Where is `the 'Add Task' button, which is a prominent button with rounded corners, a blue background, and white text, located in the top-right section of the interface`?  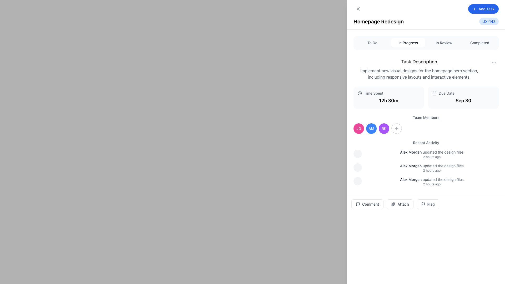
the 'Add Task' button, which is a prominent button with rounded corners, a blue background, and white text, located in the top-right section of the interface is located at coordinates (483, 9).